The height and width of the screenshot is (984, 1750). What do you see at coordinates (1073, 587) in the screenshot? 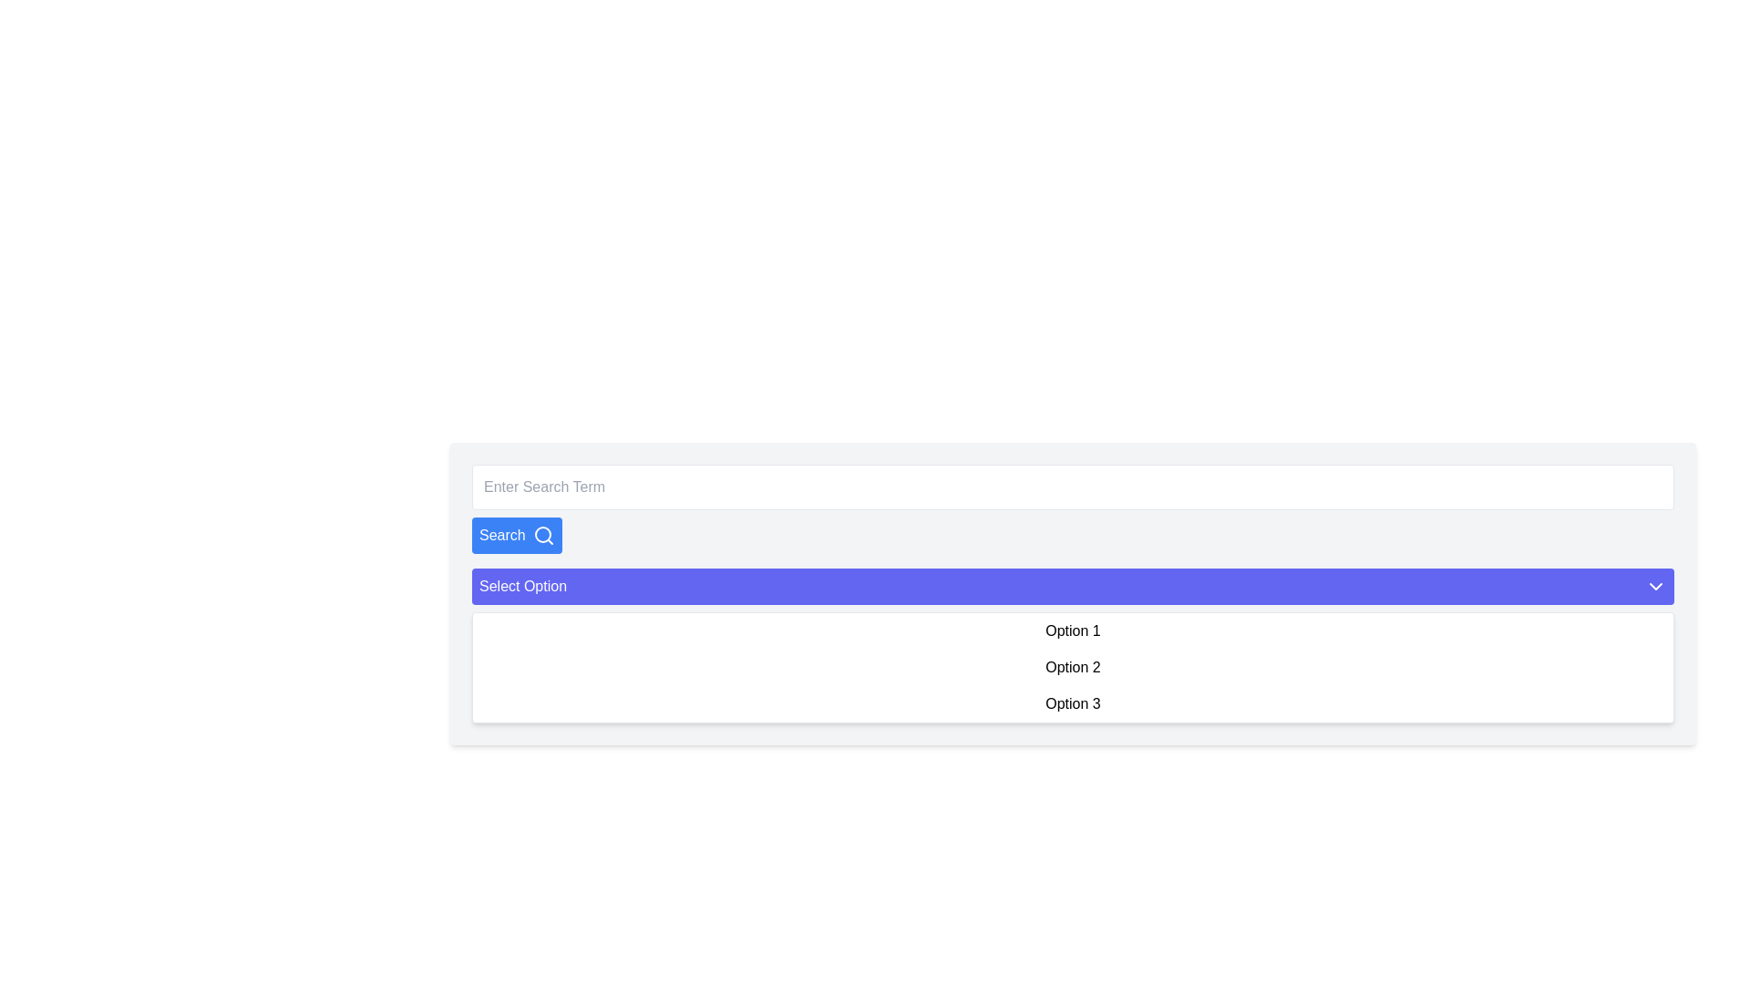
I see `the drop-down toggle button located at the top-center of the interface` at bounding box center [1073, 587].